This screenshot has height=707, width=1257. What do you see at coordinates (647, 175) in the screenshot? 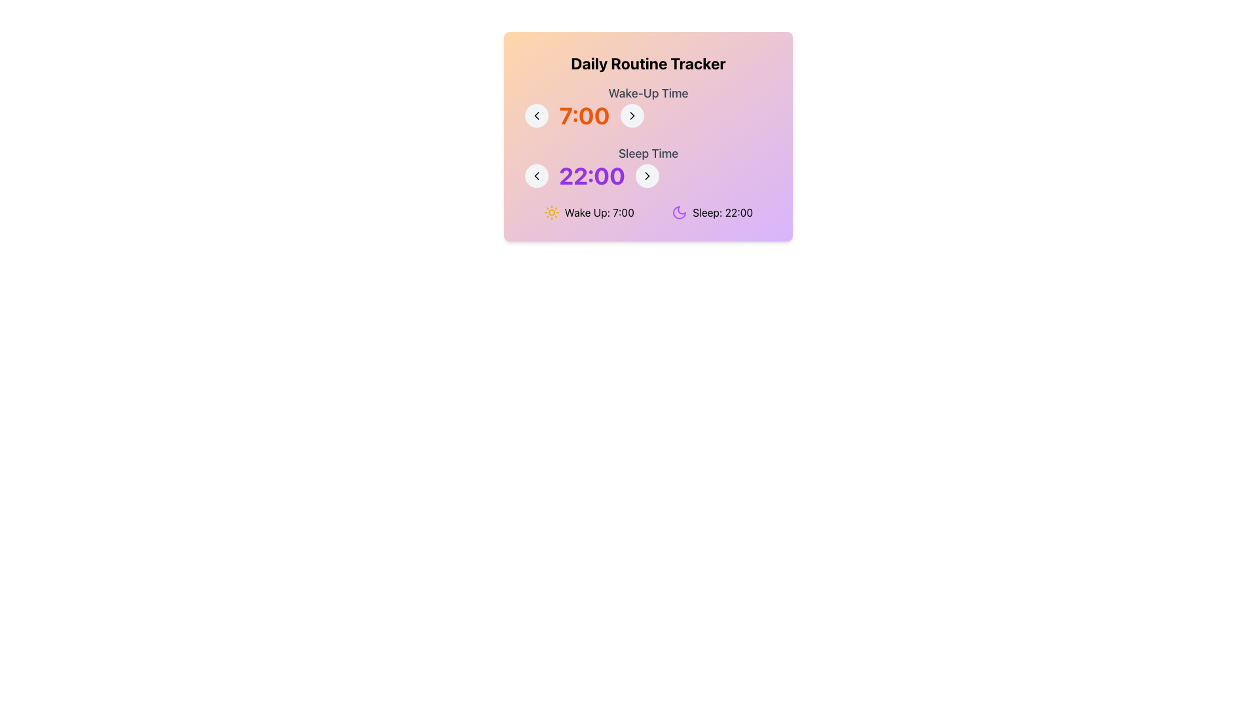
I see `the right-pointing arrow button located immediately to the right of the orange '7:00' text in the 'Wake-Up Time' section` at bounding box center [647, 175].